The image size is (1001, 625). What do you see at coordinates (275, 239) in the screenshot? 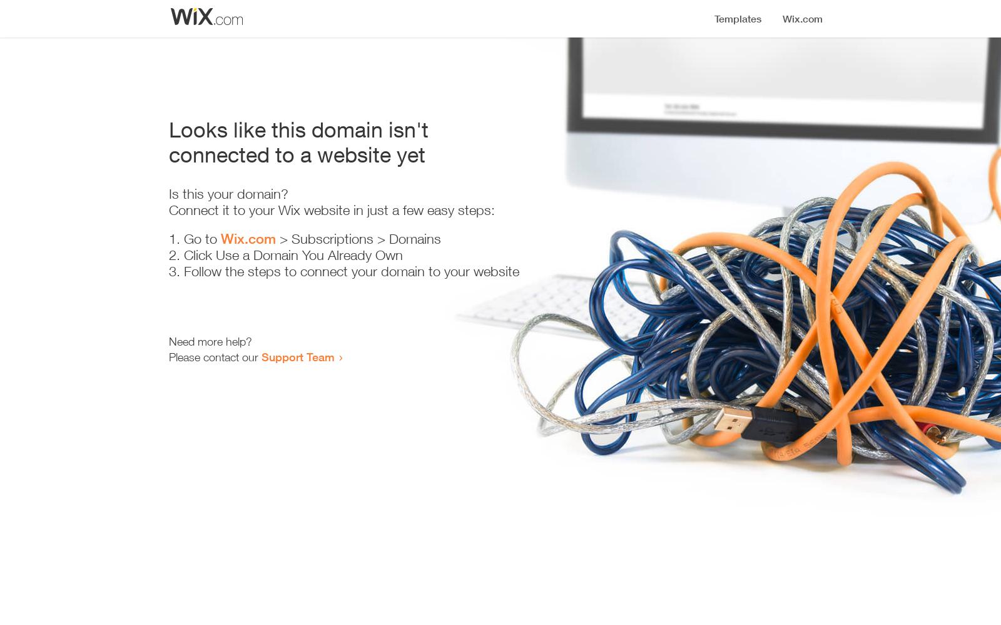
I see `'> Subscriptions > Domains'` at bounding box center [275, 239].